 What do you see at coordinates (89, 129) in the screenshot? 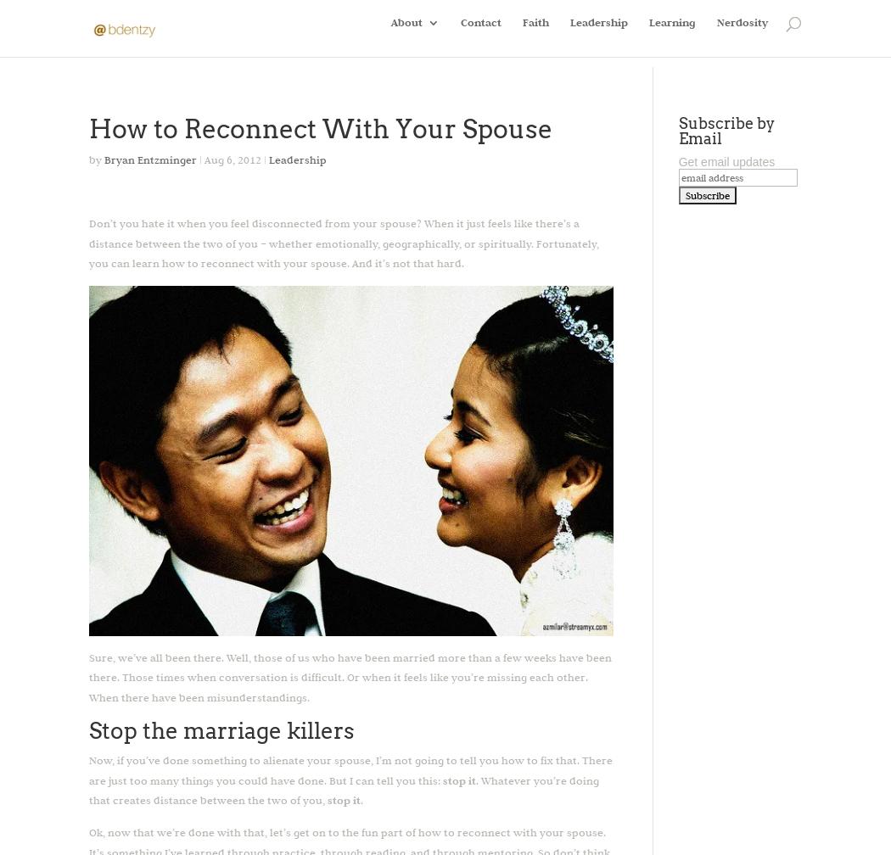
I see `'How to Reconnect With Your Spouse'` at bounding box center [89, 129].